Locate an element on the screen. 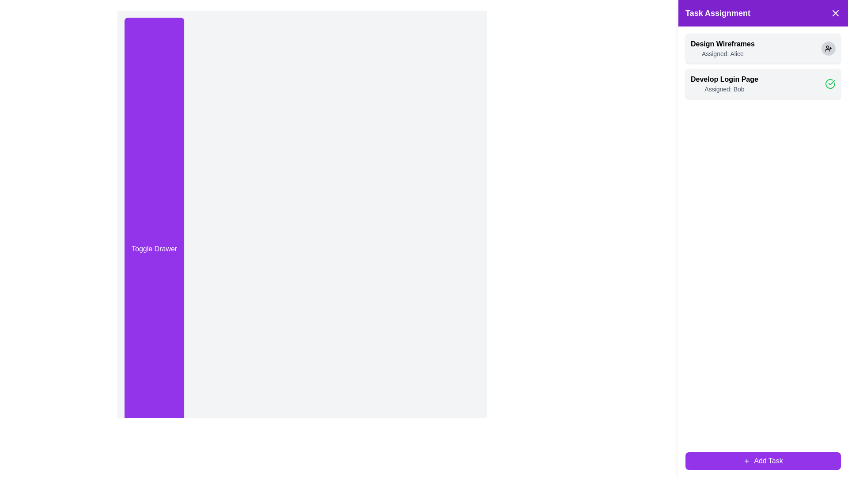 Image resolution: width=848 pixels, height=477 pixels. the second Task Card (Informational Block) in the vertical list under the 'Task Assignment' panel, which summarizes the assigned task and its status is located at coordinates (763, 83).